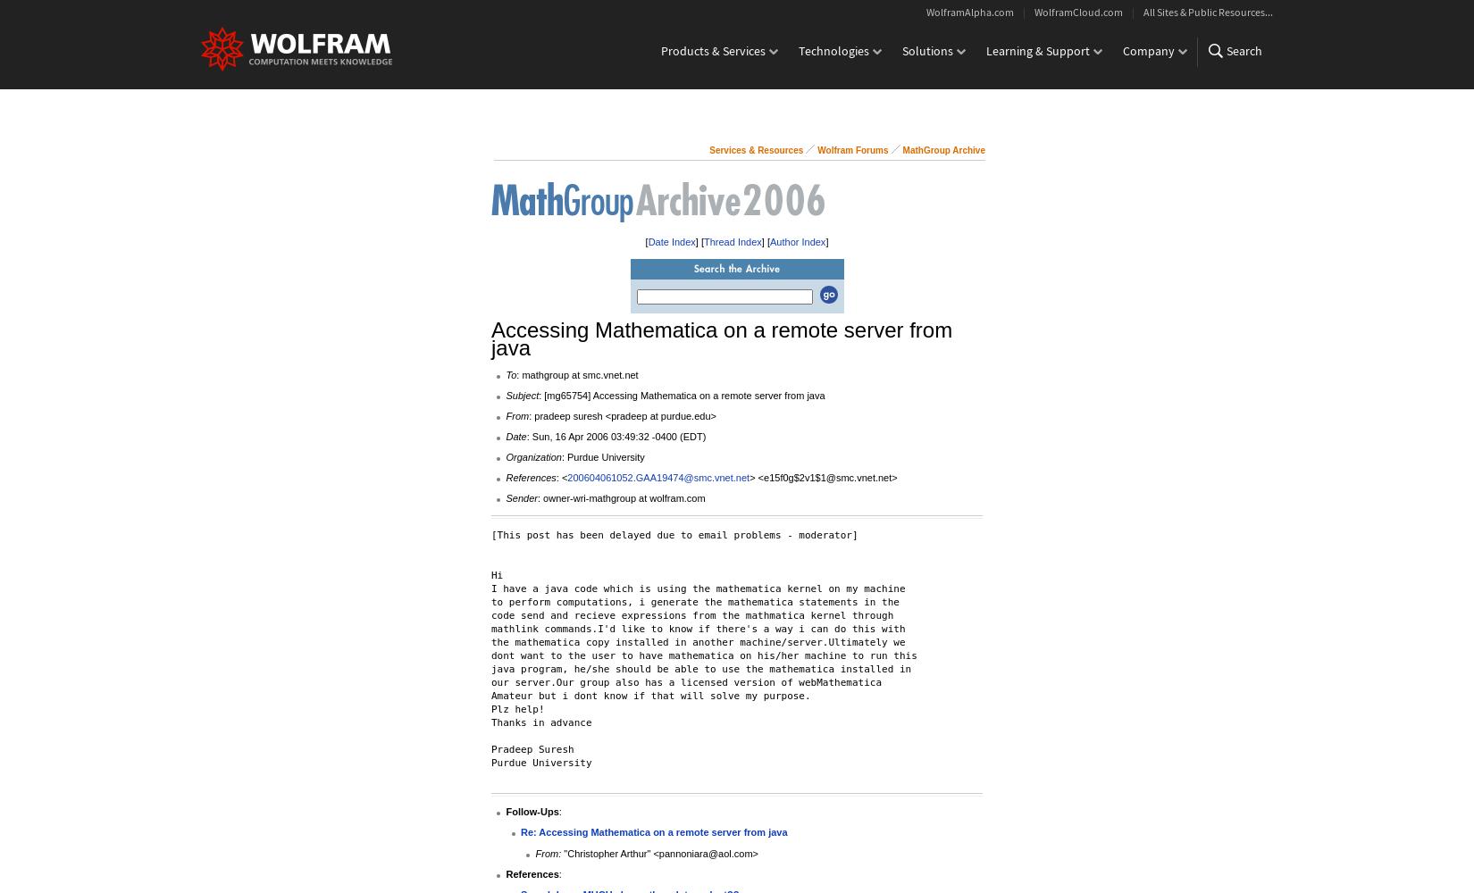 This screenshot has height=893, width=1474. I want to click on '"Christopher Arthur" <pannoniara@aol.com>', so click(658, 852).